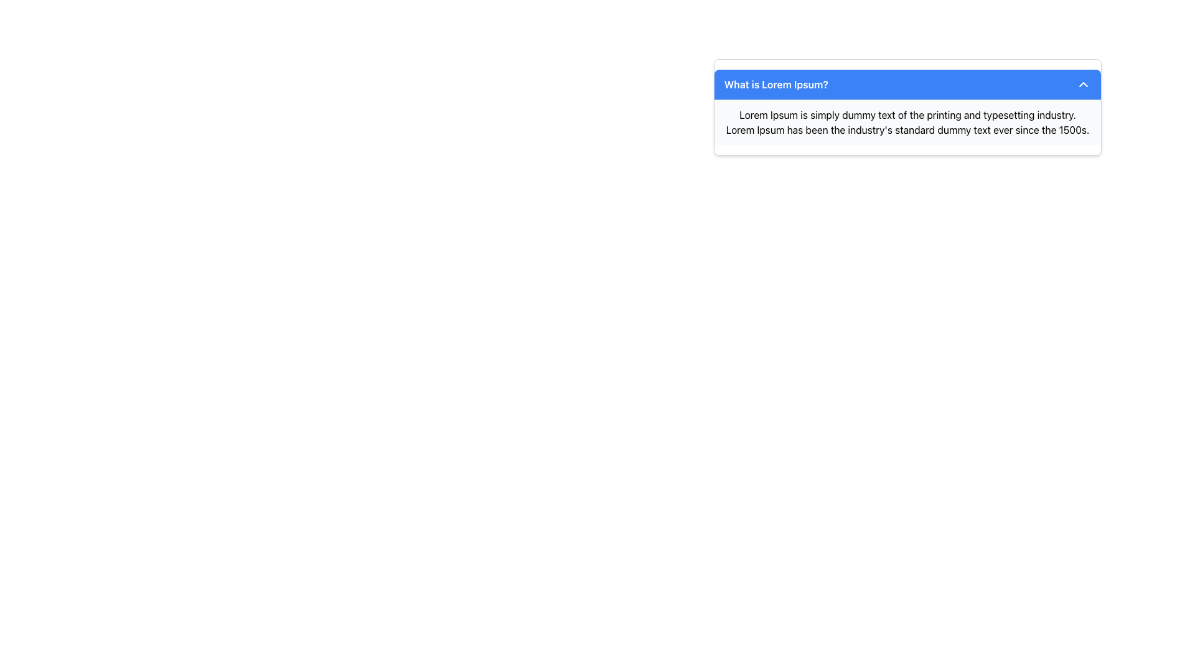  What do you see at coordinates (907, 122) in the screenshot?
I see `text content from the informational block that states: 'Lorem Ipsum is simply dummy text of the printing and typesetting industry. Lorem Ipsum has been the industry's standard dummy text ever since the 1500s.'` at bounding box center [907, 122].